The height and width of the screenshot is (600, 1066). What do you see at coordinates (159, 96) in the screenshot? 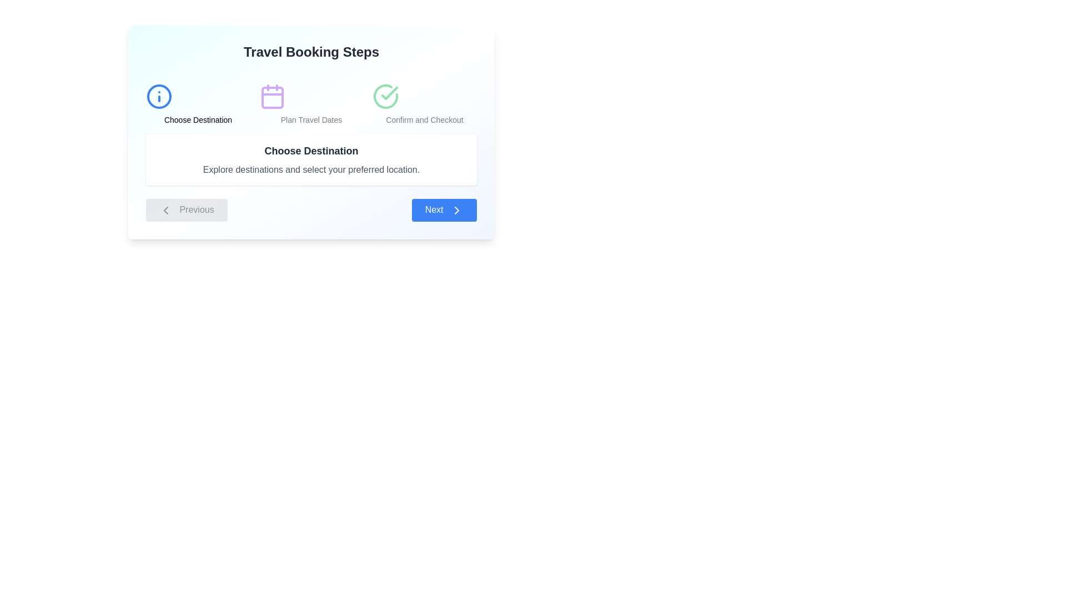
I see `the informational icon indicating the user's current step in the travel booking process, located above the 'Choose Destination' text label` at bounding box center [159, 96].